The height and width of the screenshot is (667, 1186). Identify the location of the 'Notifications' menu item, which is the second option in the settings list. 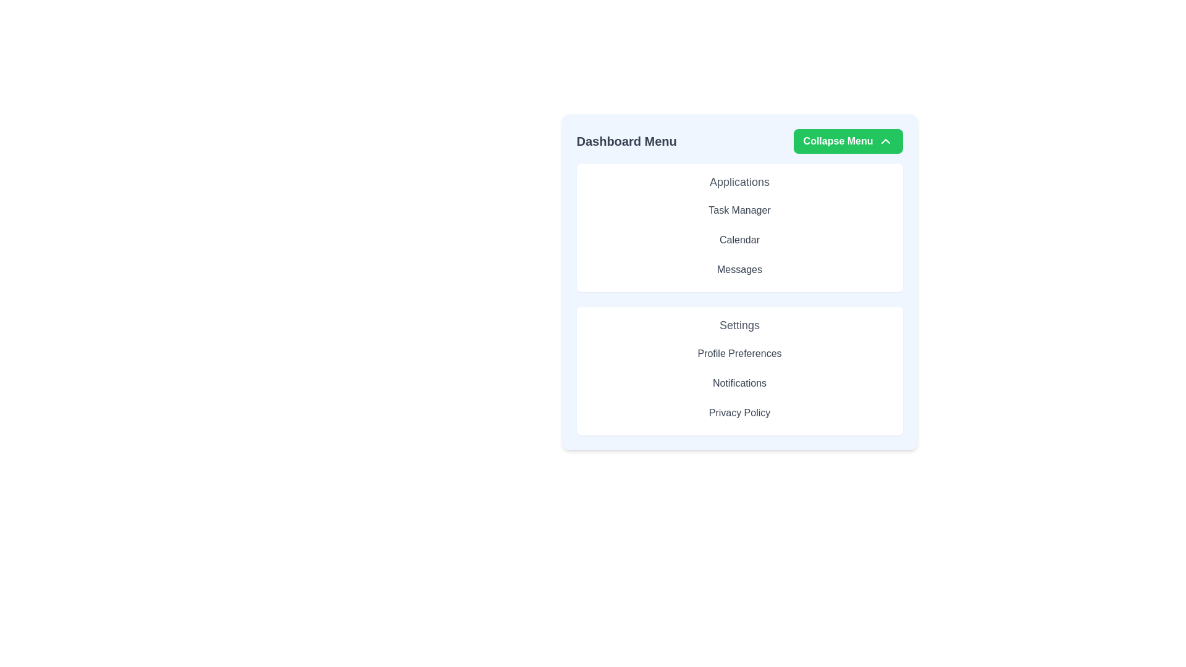
(739, 383).